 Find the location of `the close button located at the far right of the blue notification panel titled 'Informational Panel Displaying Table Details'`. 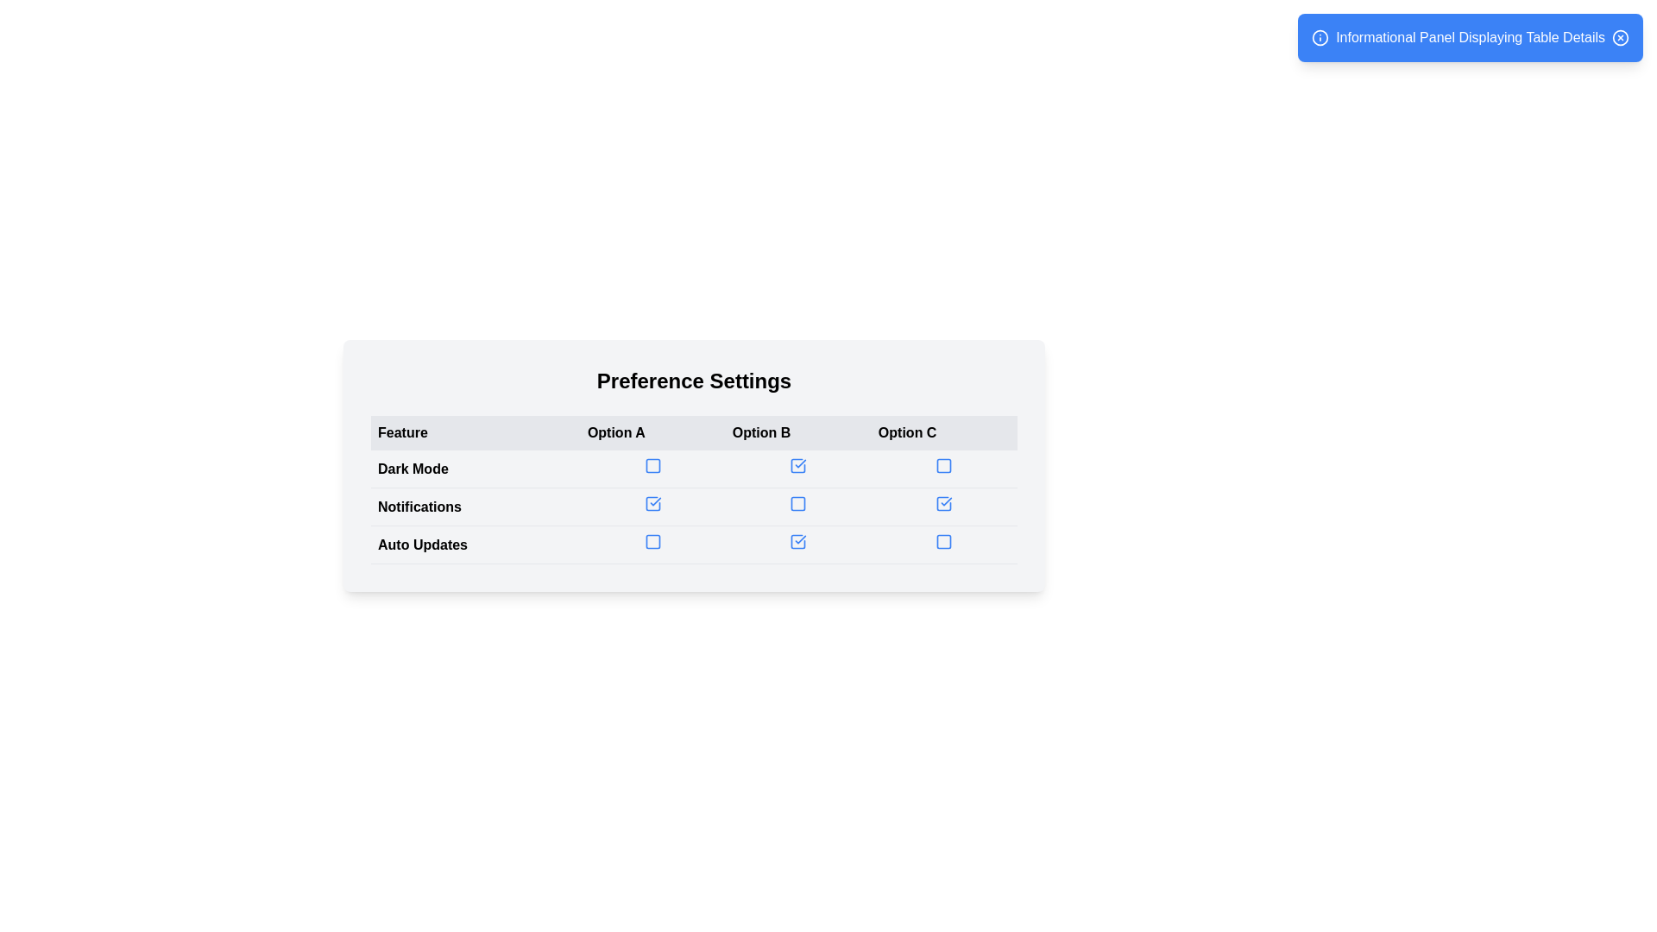

the close button located at the far right of the blue notification panel titled 'Informational Panel Displaying Table Details' is located at coordinates (1619, 37).